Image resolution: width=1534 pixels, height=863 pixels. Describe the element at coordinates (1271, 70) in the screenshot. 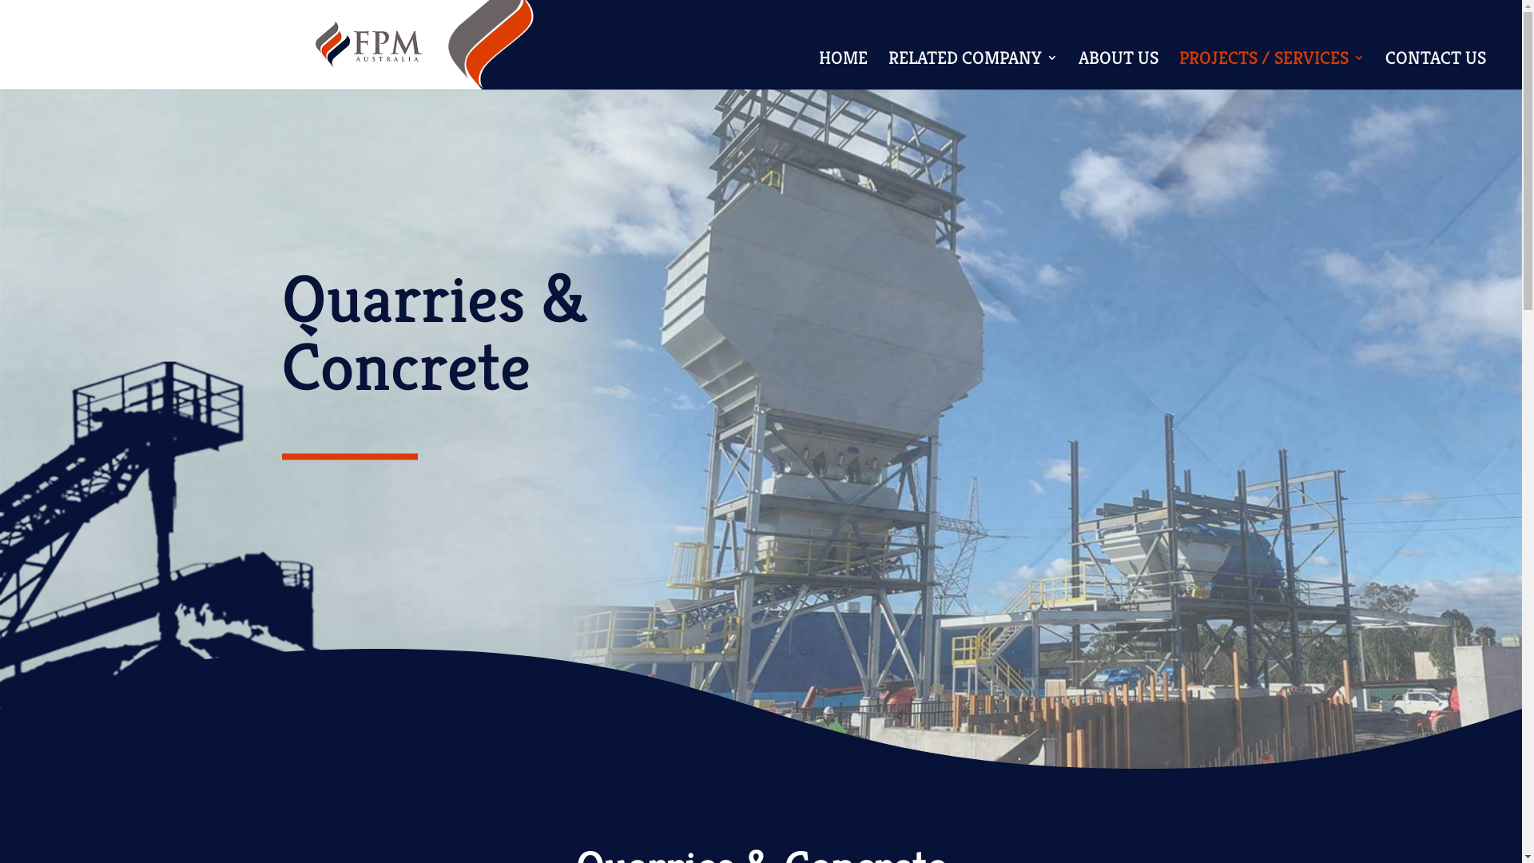

I see `'PROJECTS / SERVICES'` at that location.